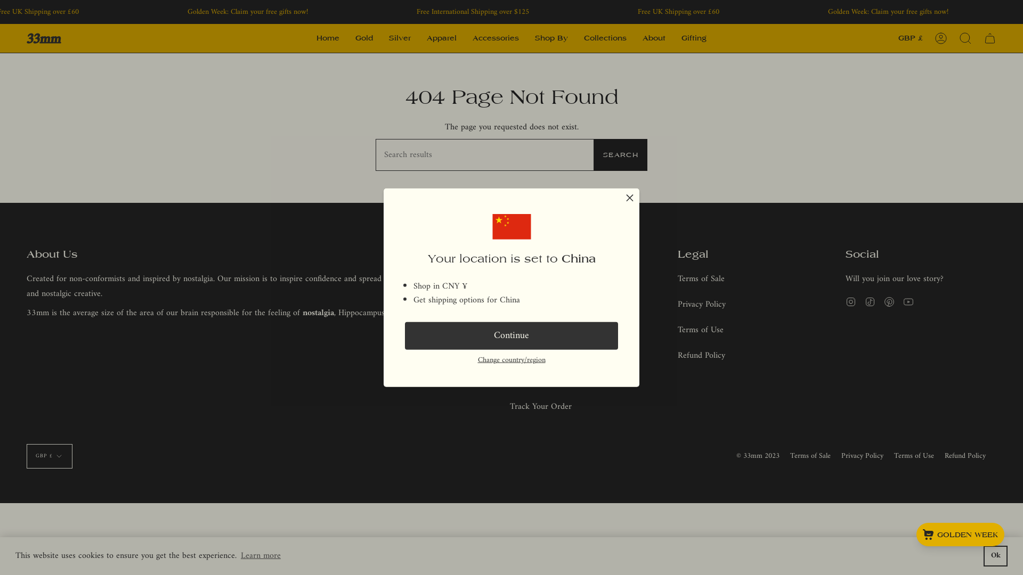 The width and height of the screenshot is (1023, 575). I want to click on 'Refund Policy', so click(701, 355).